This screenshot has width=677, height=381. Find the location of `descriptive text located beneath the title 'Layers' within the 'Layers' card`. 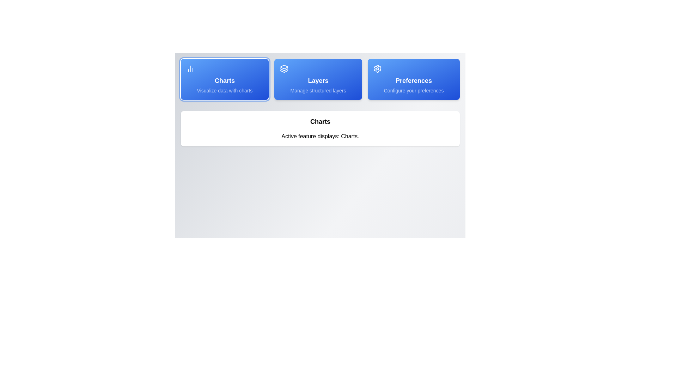

descriptive text located beneath the title 'Layers' within the 'Layers' card is located at coordinates (318, 90).